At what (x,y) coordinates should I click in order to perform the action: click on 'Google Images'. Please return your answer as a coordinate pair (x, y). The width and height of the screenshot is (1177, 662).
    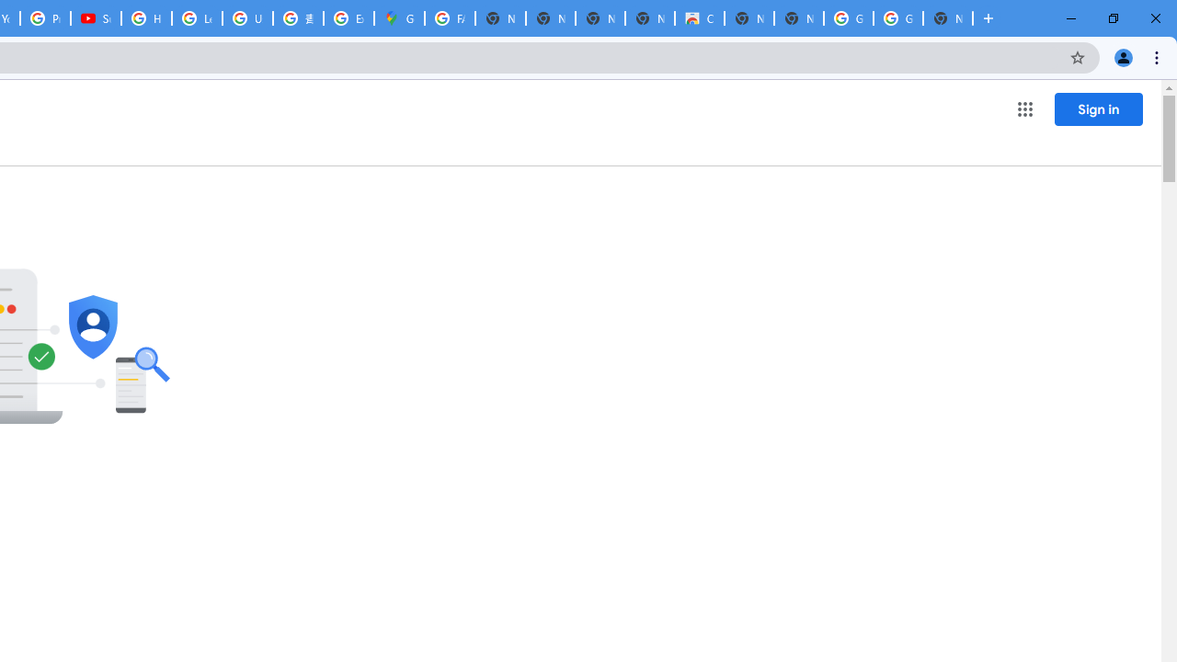
    Looking at the image, I should click on (847, 18).